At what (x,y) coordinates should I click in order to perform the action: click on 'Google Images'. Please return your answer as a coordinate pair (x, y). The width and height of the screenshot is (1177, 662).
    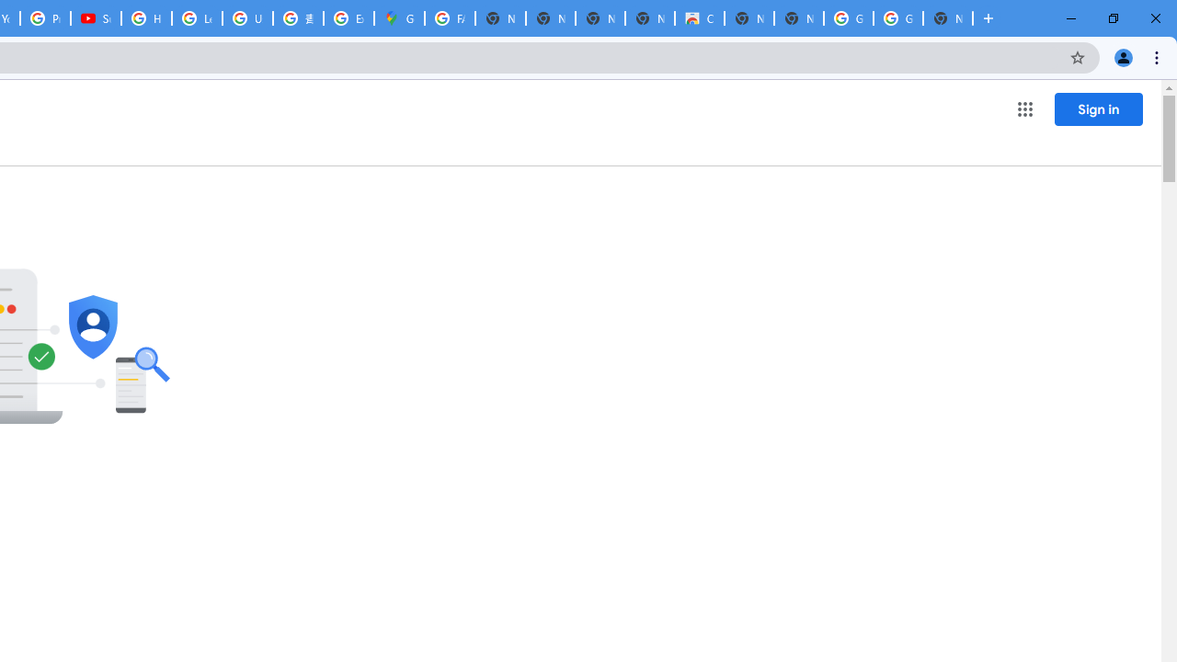
    Looking at the image, I should click on (847, 18).